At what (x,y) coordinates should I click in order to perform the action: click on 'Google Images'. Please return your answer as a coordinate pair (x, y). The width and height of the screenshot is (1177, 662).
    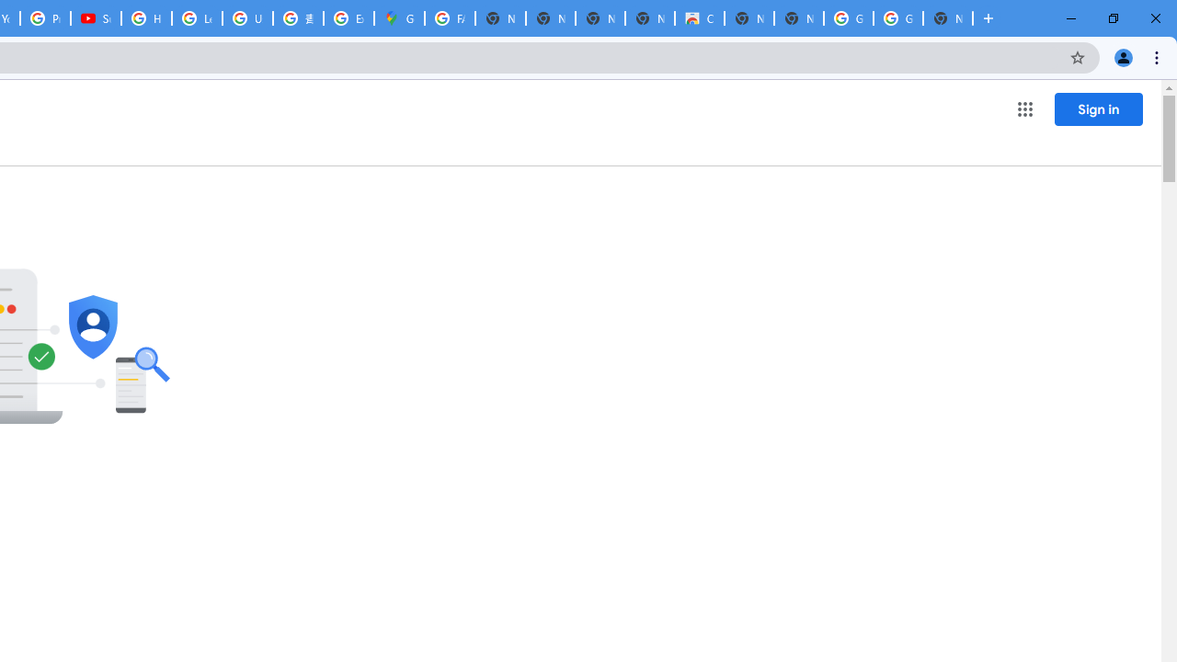
    Looking at the image, I should click on (847, 18).